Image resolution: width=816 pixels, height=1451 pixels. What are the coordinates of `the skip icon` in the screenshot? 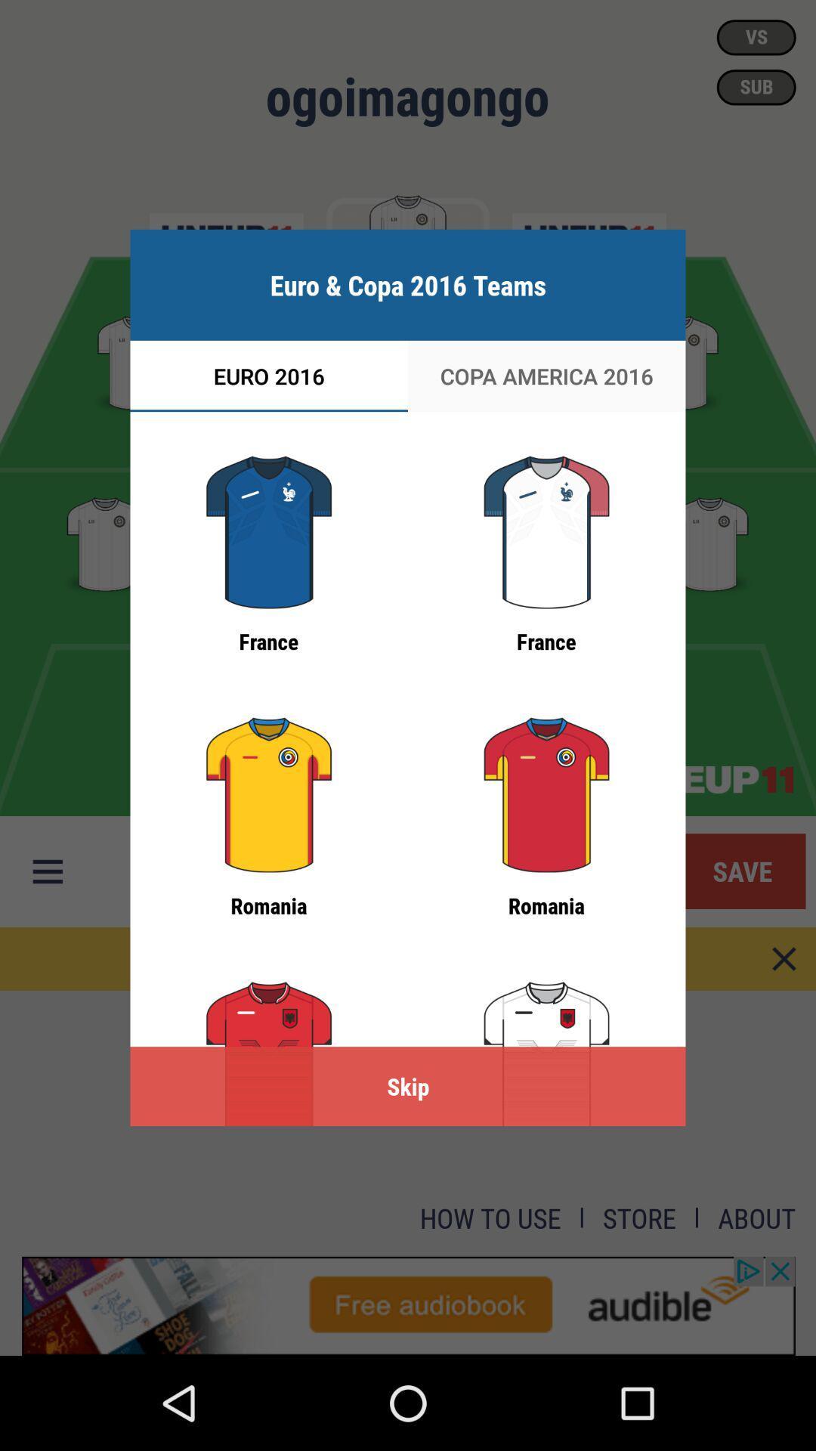 It's located at (408, 1085).